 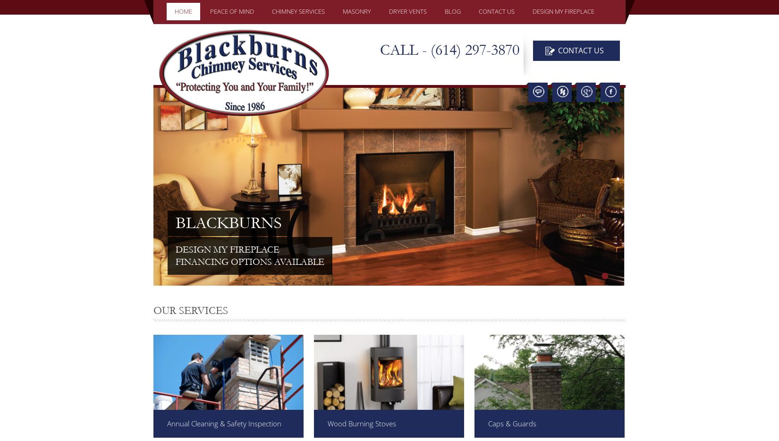 What do you see at coordinates (183, 11) in the screenshot?
I see `'HOME'` at bounding box center [183, 11].